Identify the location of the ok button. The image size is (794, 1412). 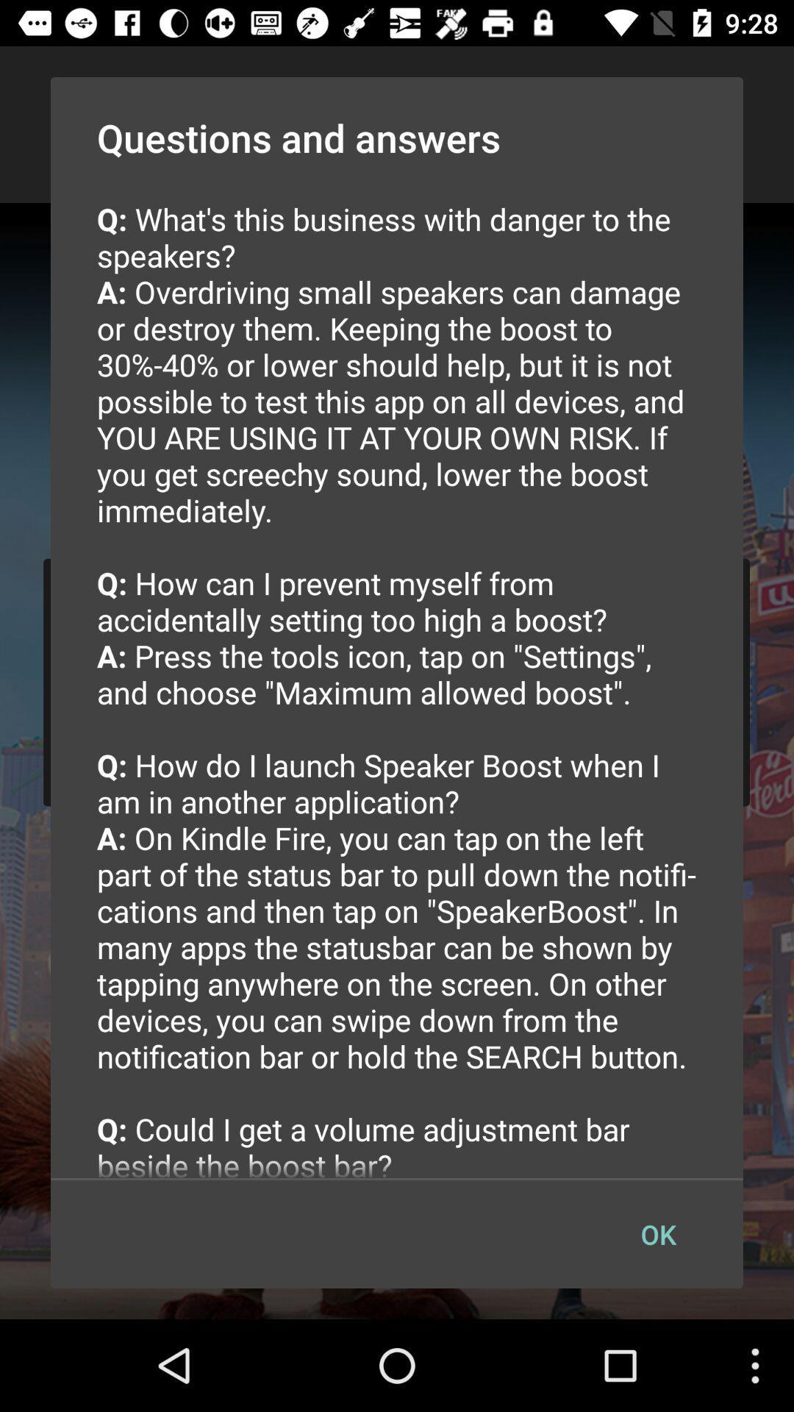
(657, 1234).